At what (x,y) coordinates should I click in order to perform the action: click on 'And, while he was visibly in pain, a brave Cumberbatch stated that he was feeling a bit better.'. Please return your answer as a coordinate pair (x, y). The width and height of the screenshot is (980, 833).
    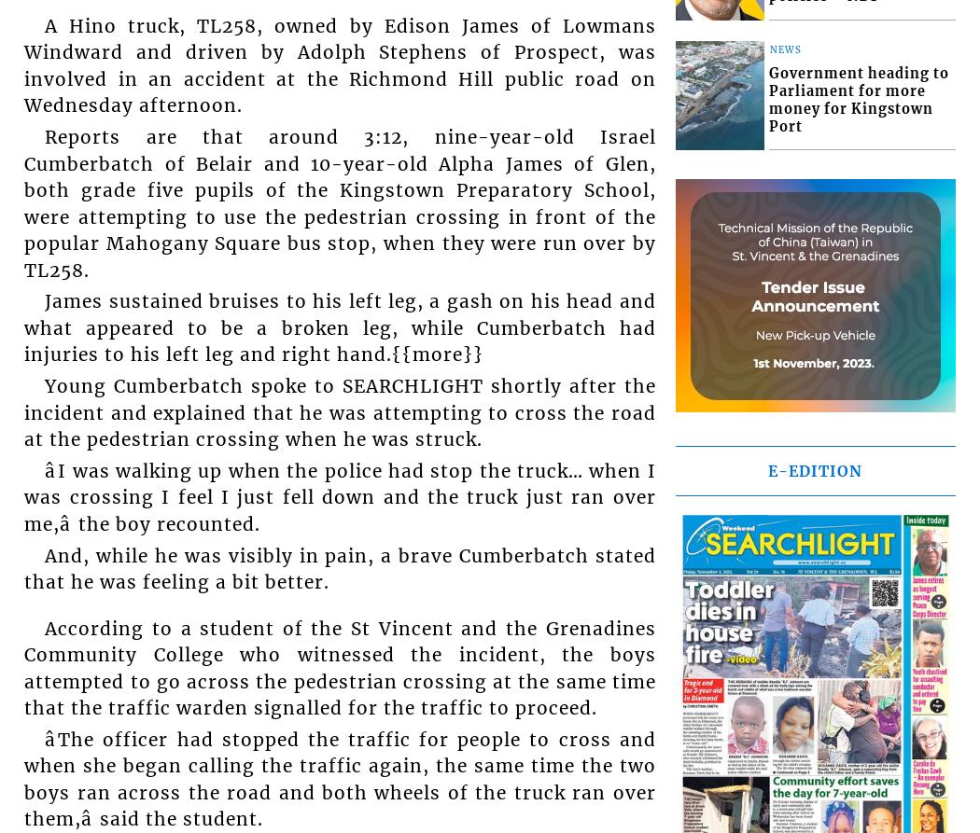
    Looking at the image, I should click on (339, 568).